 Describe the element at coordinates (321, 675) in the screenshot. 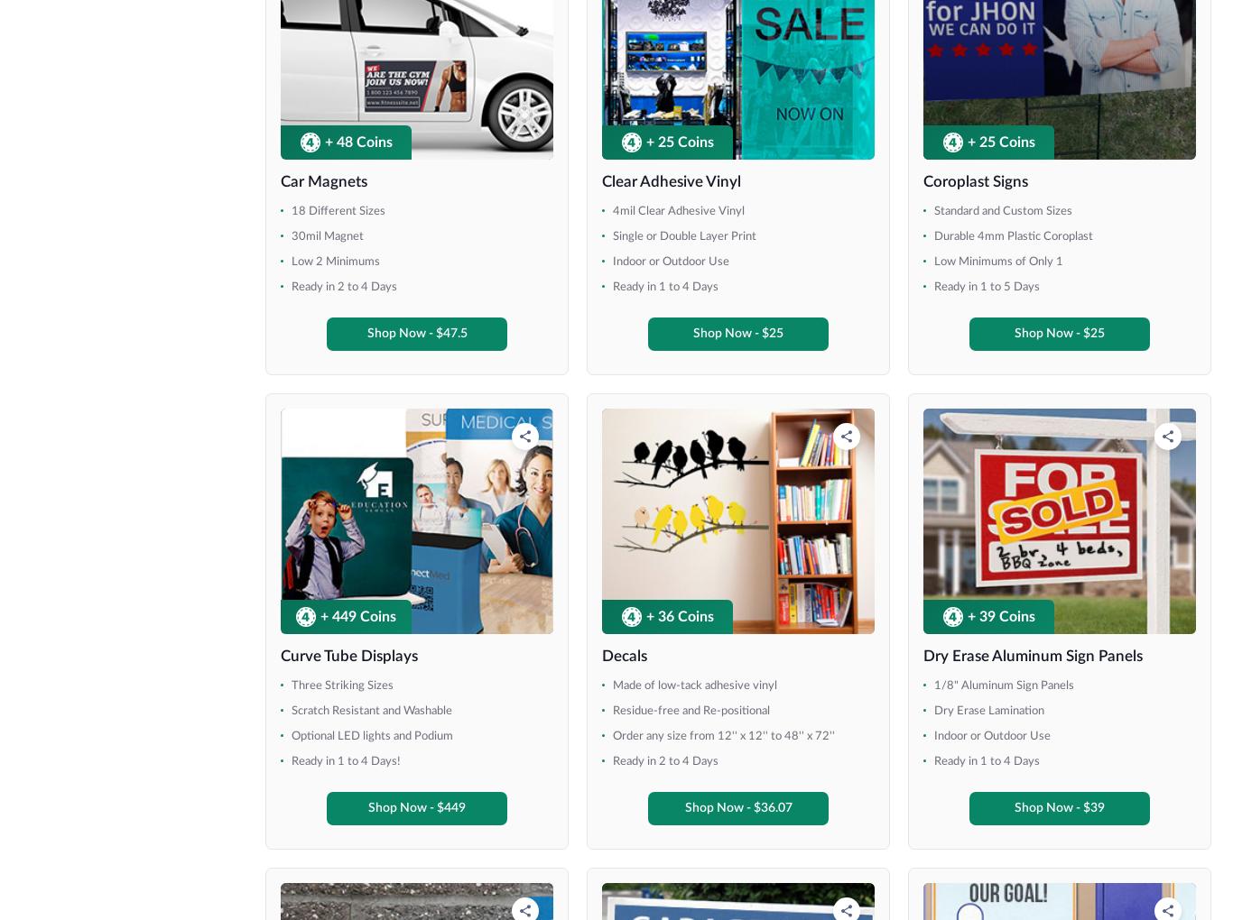

I see `'Stickers & Labels'` at that location.